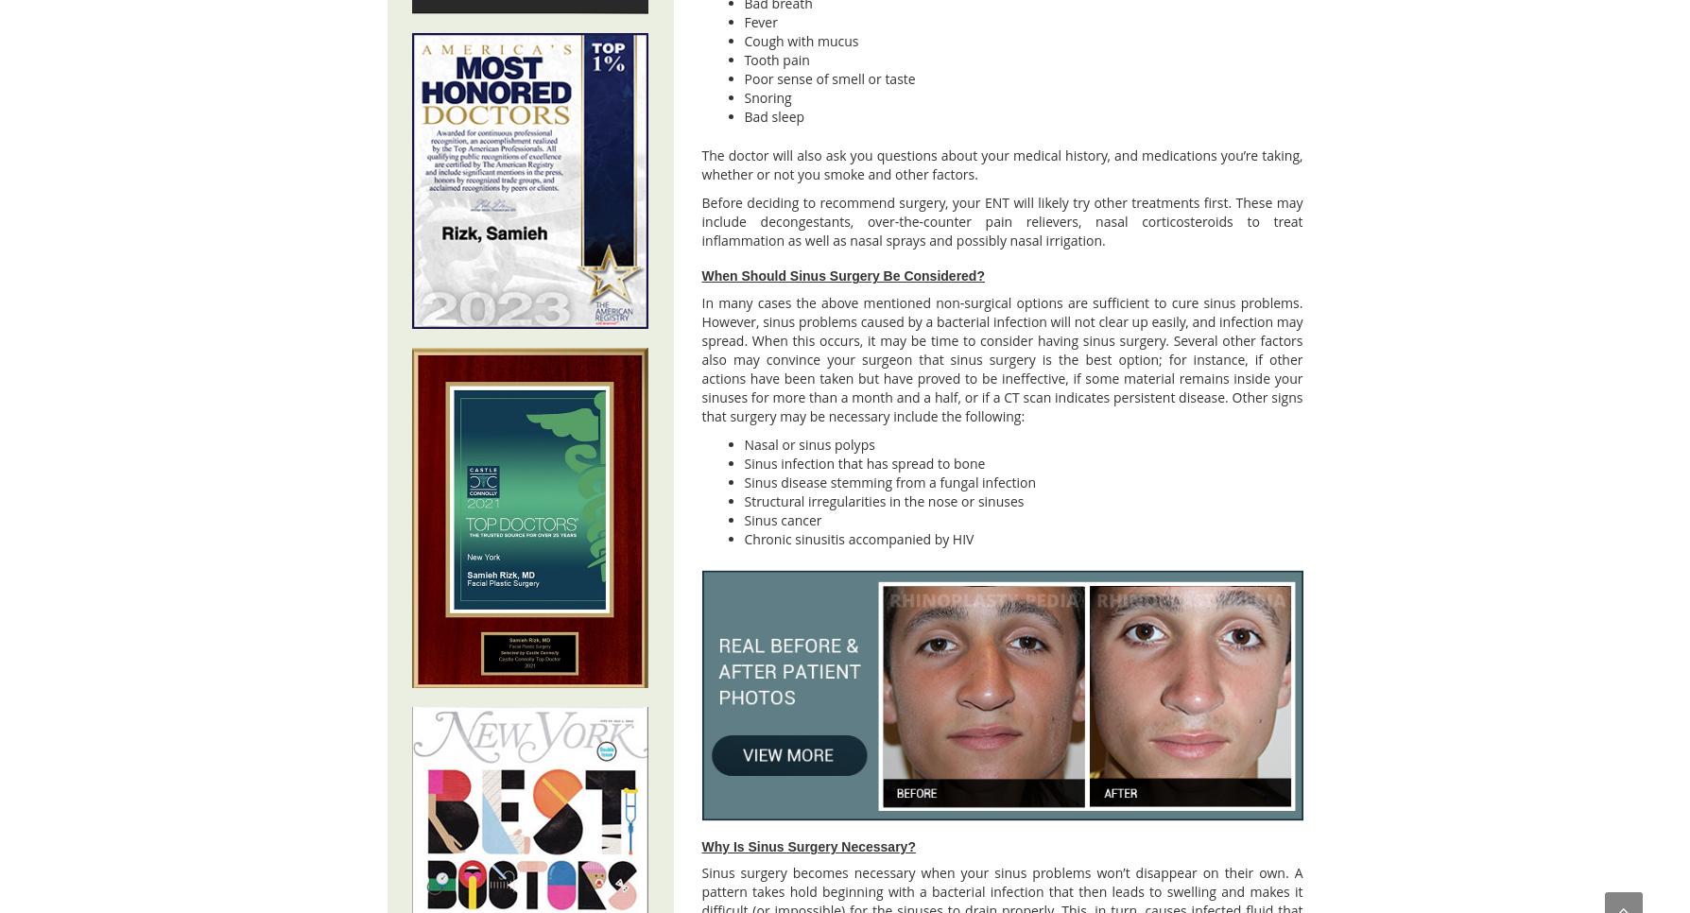  What do you see at coordinates (828, 78) in the screenshot?
I see `'Poor sense of smell or taste'` at bounding box center [828, 78].